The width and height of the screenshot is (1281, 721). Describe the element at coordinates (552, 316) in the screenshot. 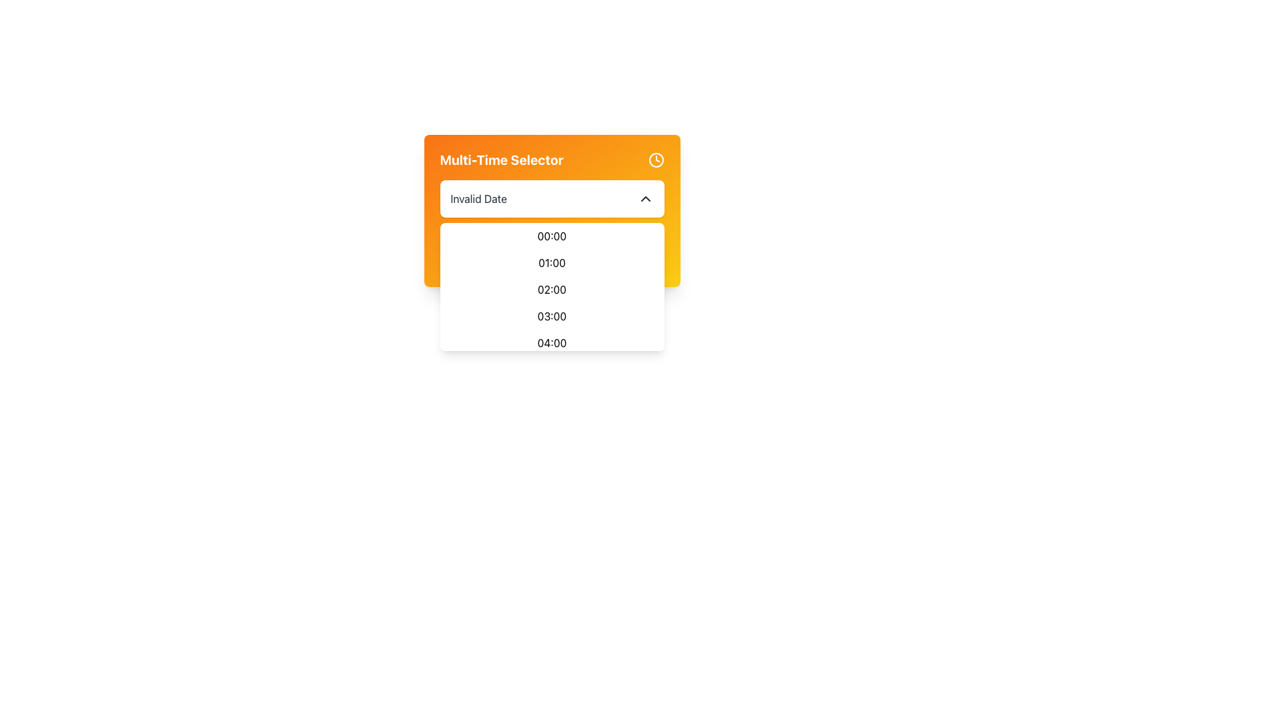

I see `the dropdown list item displaying '03:00' to trigger the hover styling effect` at that location.